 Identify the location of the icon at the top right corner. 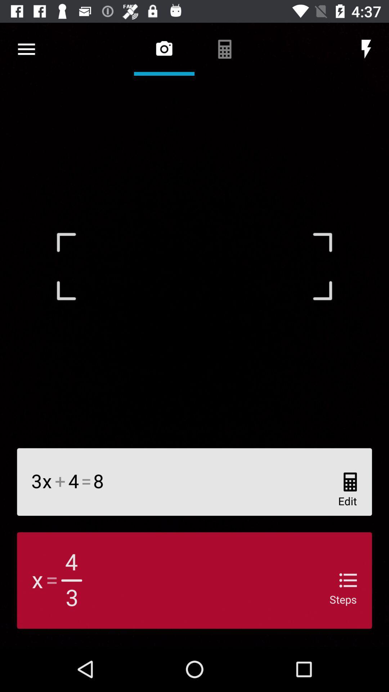
(366, 49).